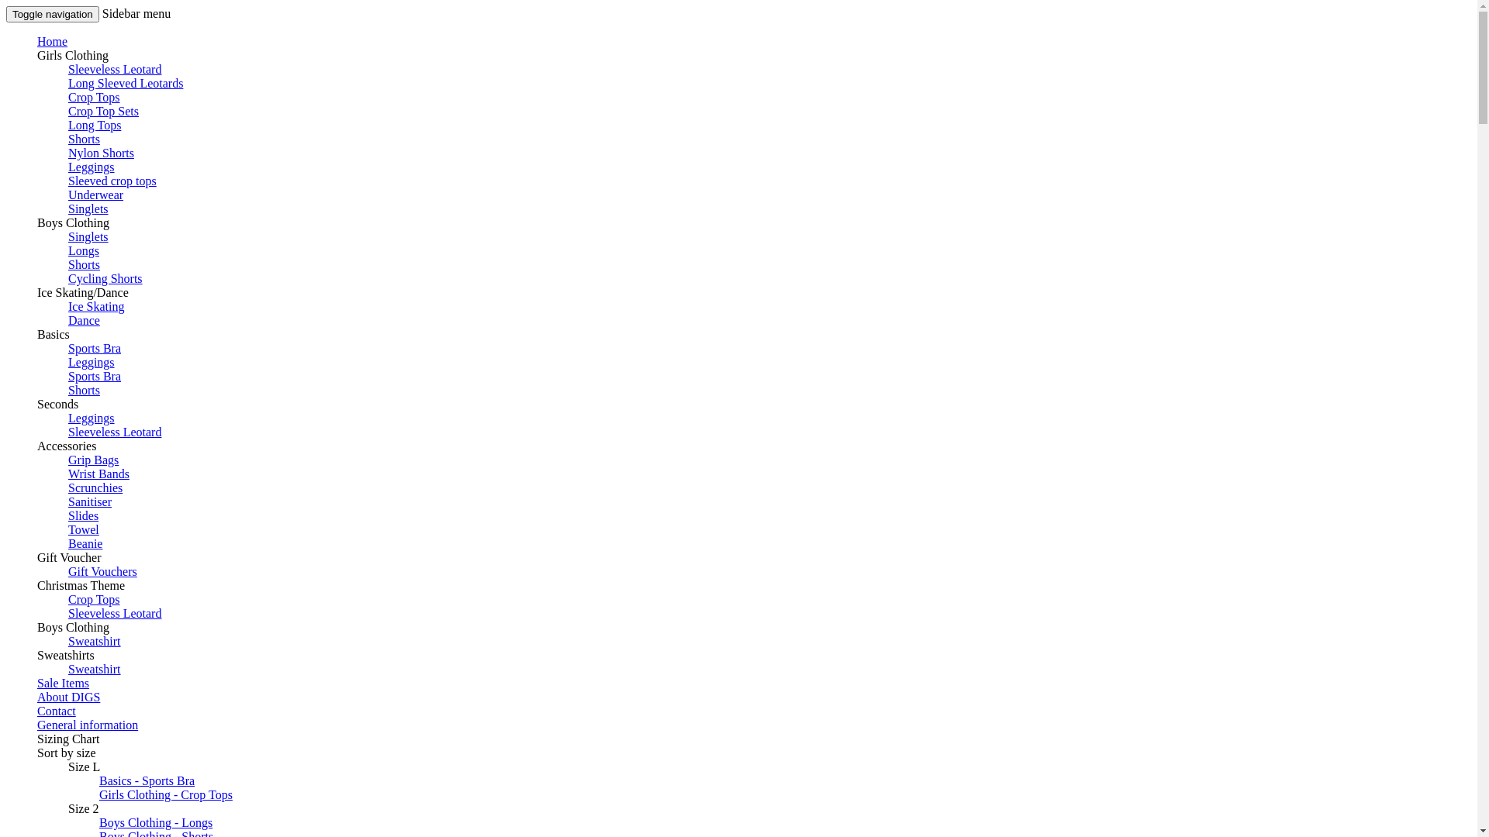  Describe the element at coordinates (37, 54) in the screenshot. I see `'Girls Clothing'` at that location.